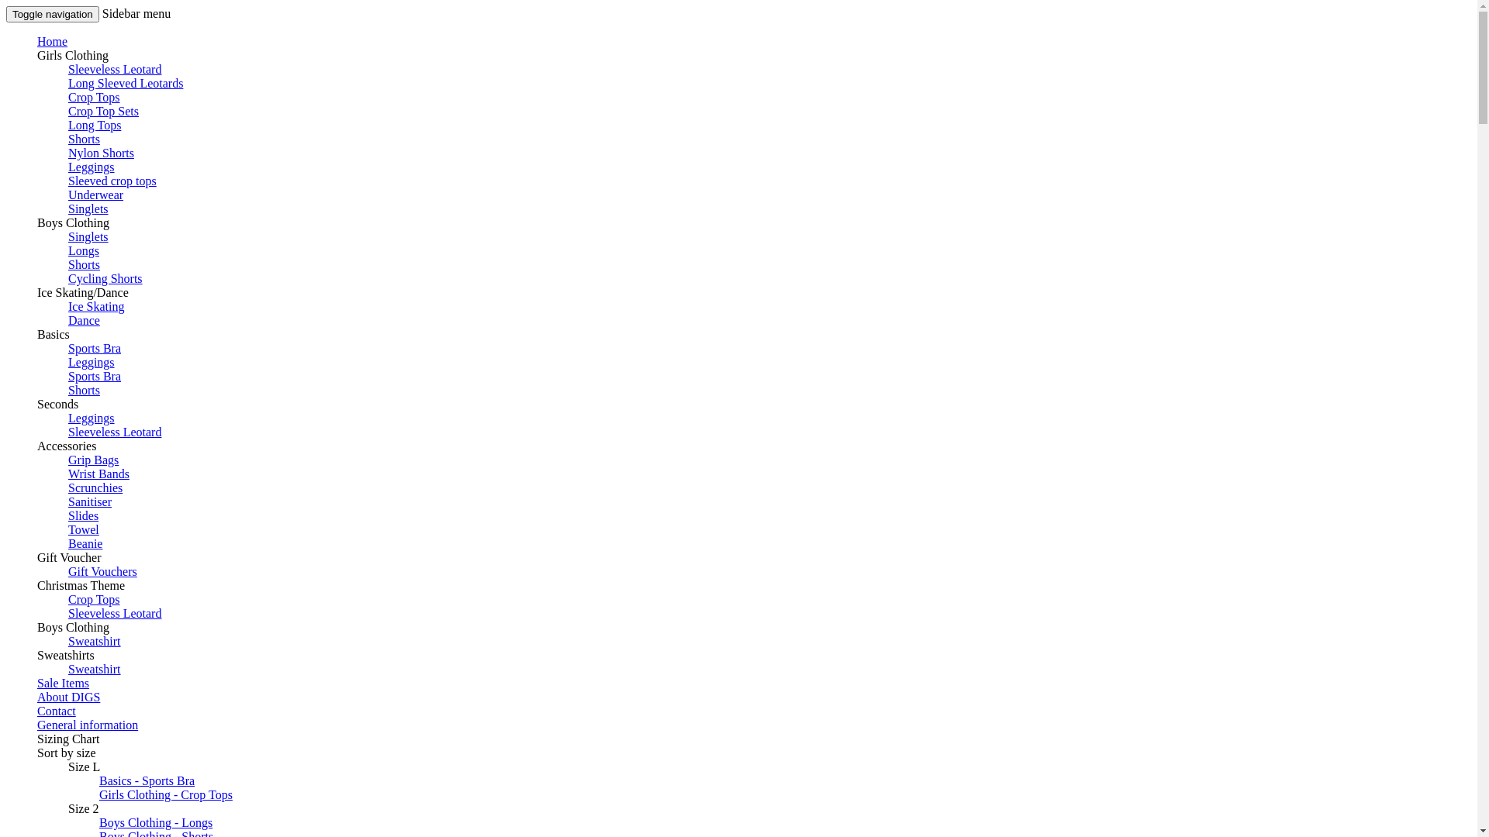  Describe the element at coordinates (37, 54) in the screenshot. I see `'Girls Clothing'` at that location.